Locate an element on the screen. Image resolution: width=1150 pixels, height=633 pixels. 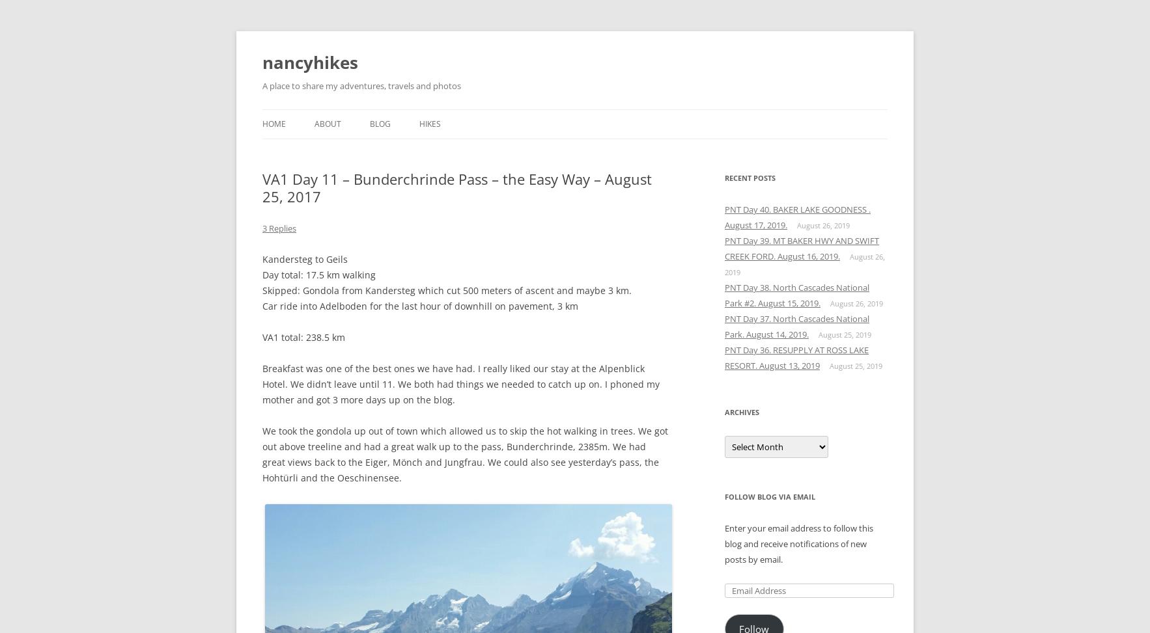
'PNT Day 37. North Cascades National Park. August 14, 2019.' is located at coordinates (796, 325).